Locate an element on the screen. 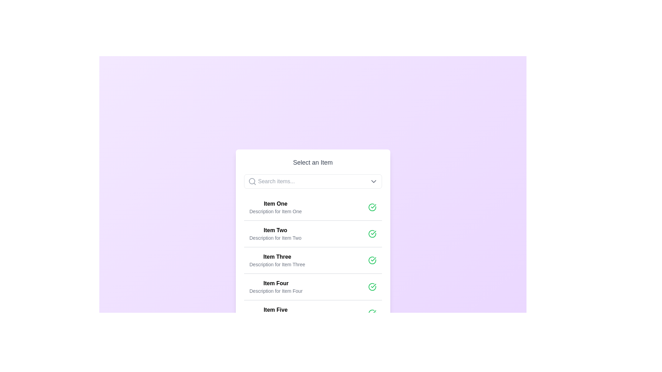 The width and height of the screenshot is (662, 372). the state represented by the check mark icon located to the far right of the 'Item Four' in the vertical list of selectable items is located at coordinates (372, 287).